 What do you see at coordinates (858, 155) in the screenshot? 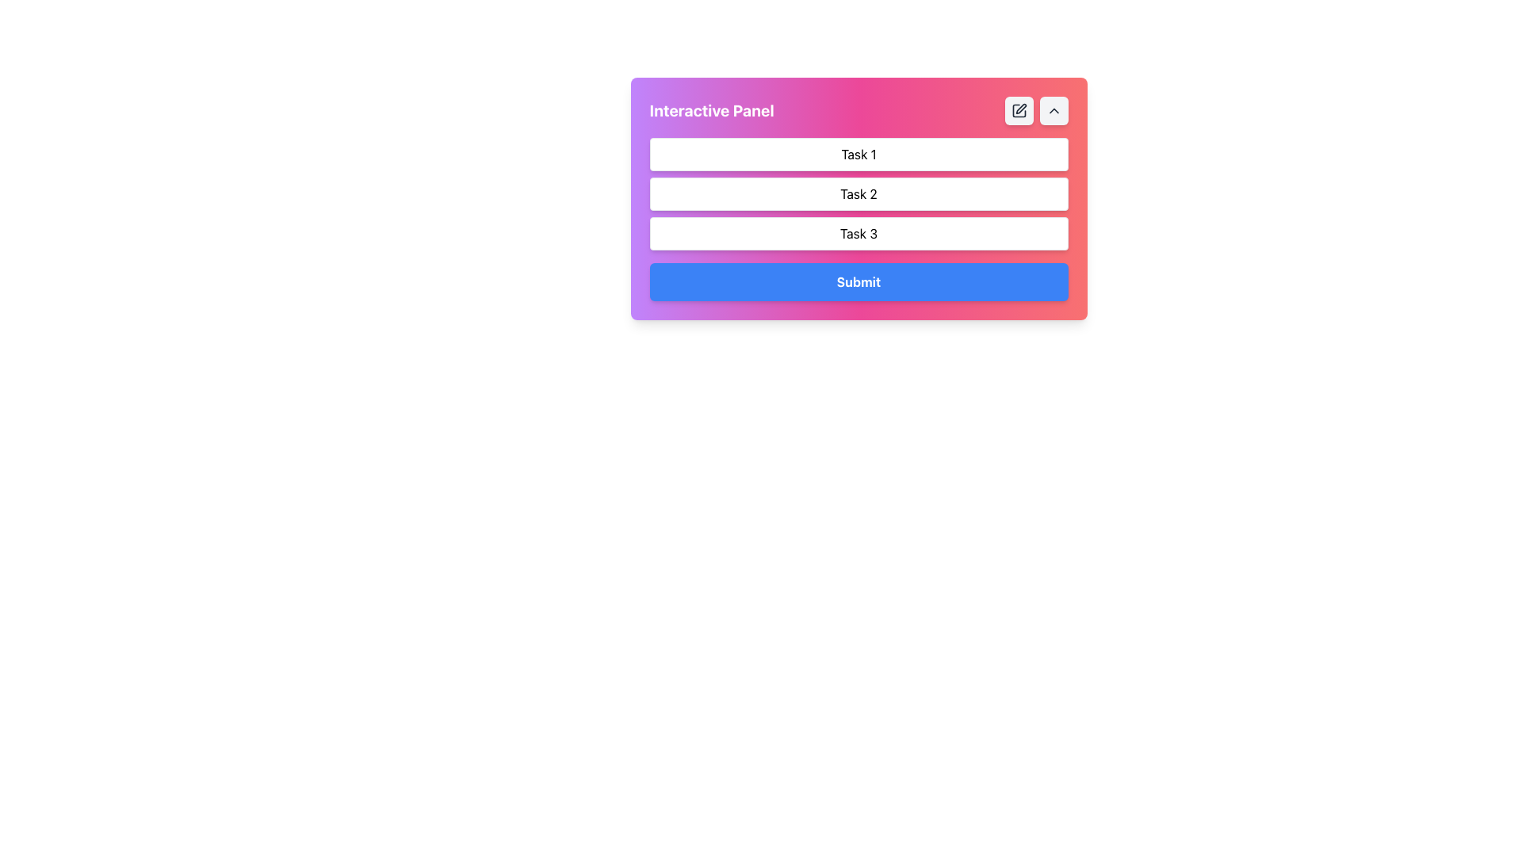
I see `the rectangular white text box labeled 'Task 1'` at bounding box center [858, 155].